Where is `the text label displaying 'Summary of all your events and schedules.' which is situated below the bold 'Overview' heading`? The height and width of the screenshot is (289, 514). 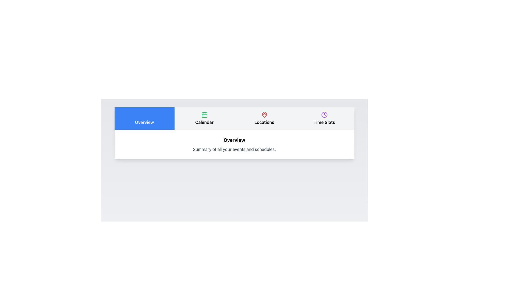 the text label displaying 'Summary of all your events and schedules.' which is situated below the bold 'Overview' heading is located at coordinates (234, 149).